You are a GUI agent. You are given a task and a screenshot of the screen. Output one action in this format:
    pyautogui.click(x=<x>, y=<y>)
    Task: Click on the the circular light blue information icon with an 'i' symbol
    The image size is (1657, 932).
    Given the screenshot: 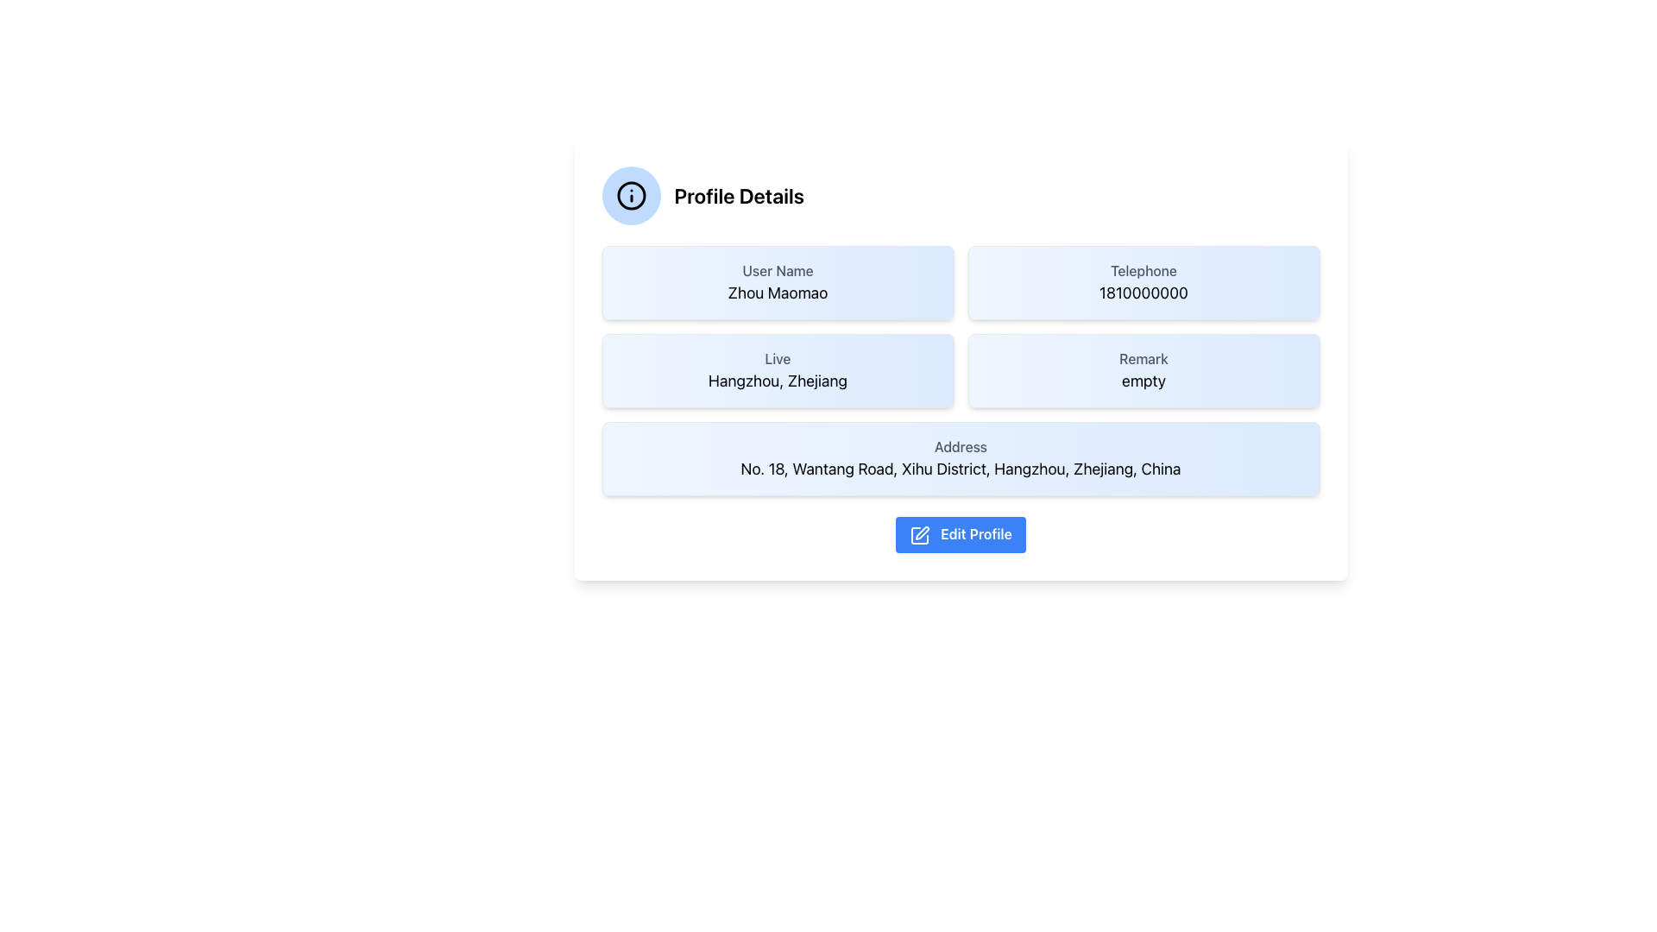 What is the action you would take?
    pyautogui.click(x=630, y=195)
    